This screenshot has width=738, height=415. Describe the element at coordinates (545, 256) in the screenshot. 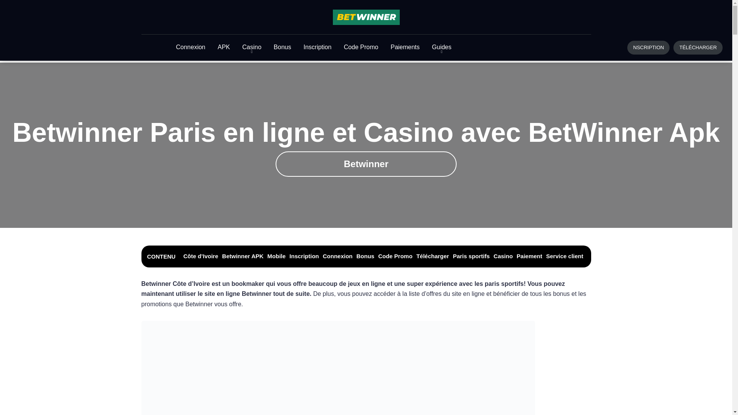

I see `'Service client'` at that location.